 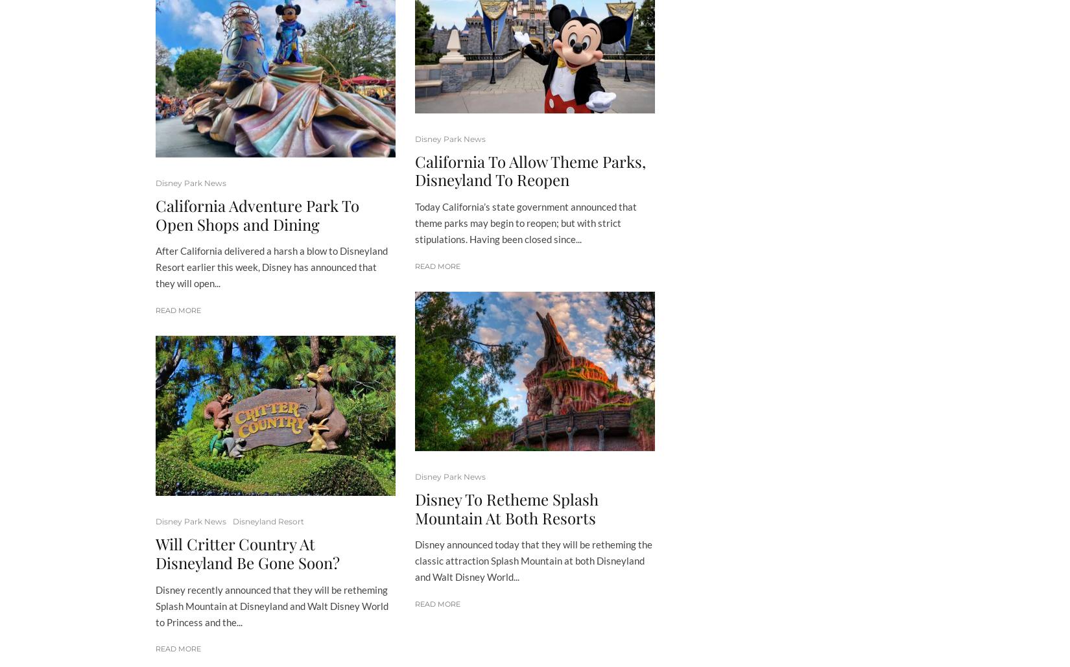 I want to click on 'After California delivered a harsh a blow to Disneyland Resort earlier this week, Disney has announced that they will open...', so click(x=270, y=266).